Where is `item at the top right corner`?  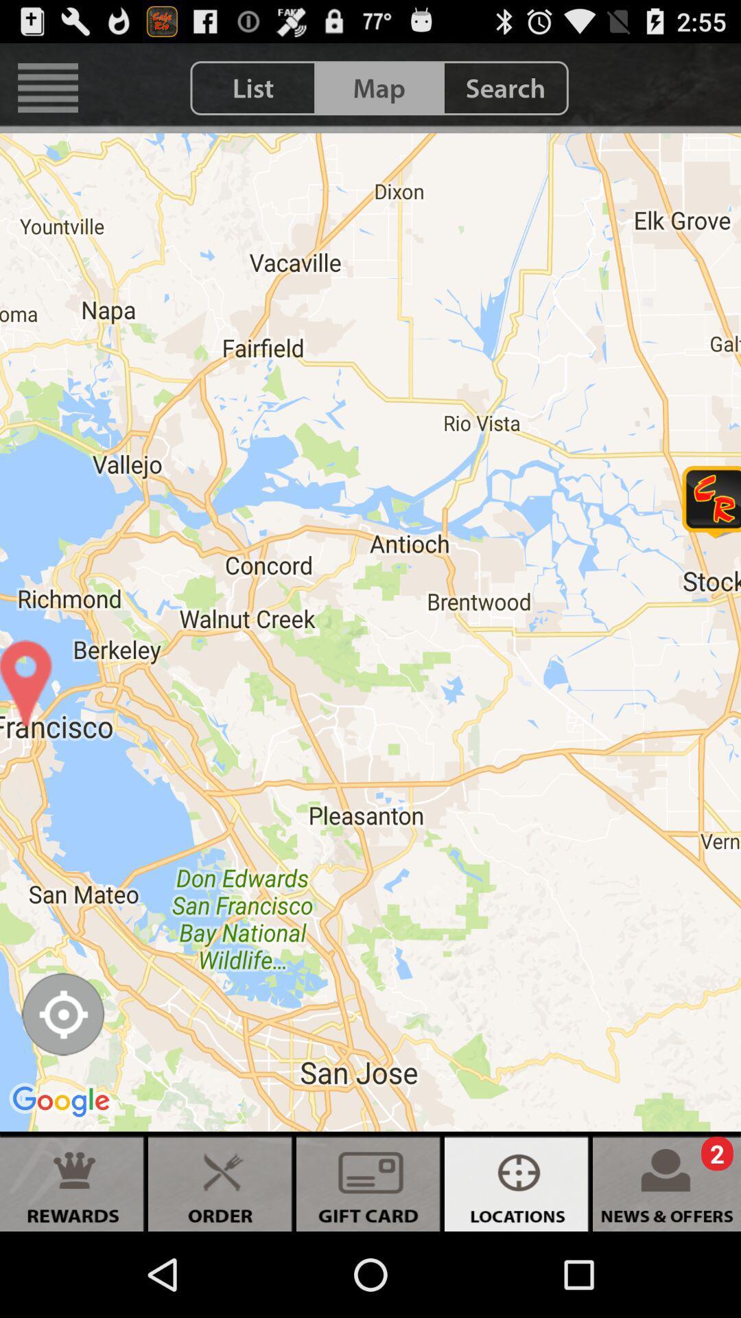
item at the top right corner is located at coordinates (505, 87).